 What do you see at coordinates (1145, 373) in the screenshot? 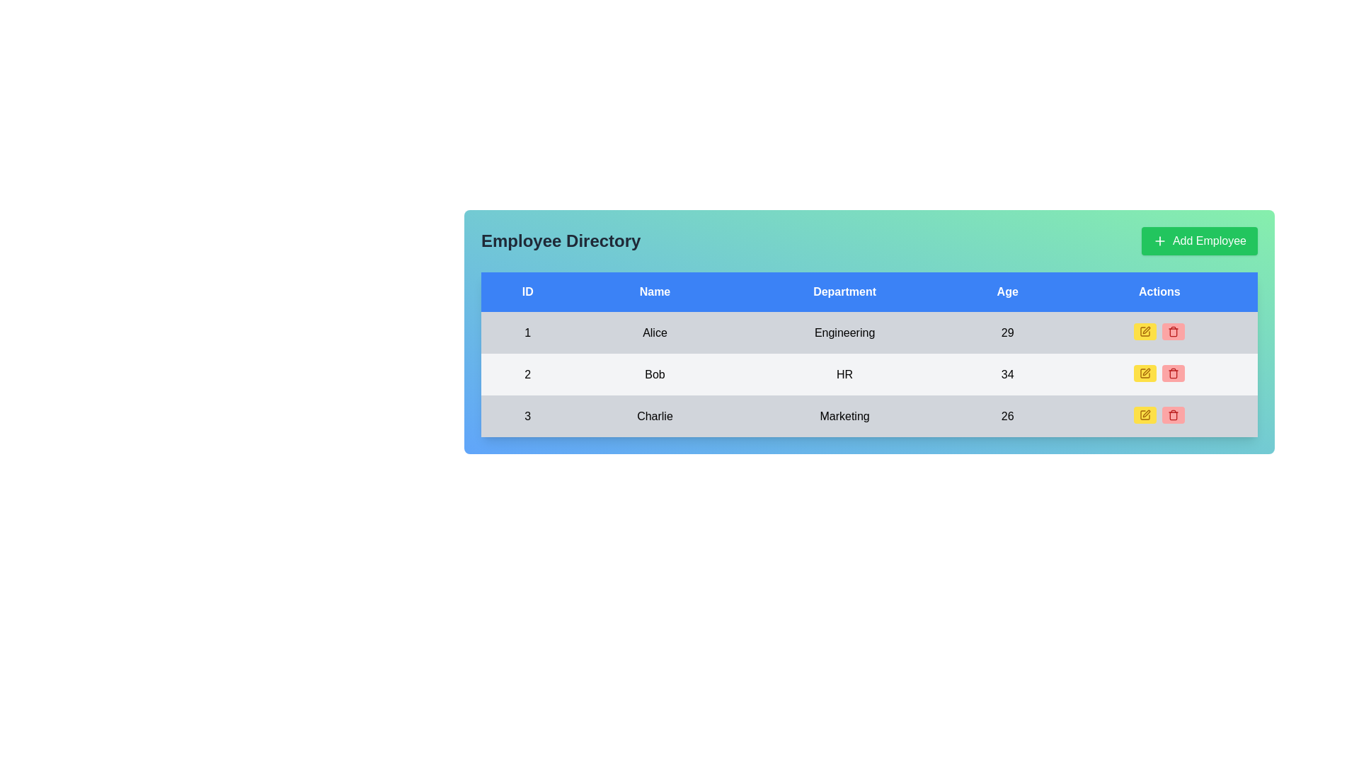
I see `the yellow pen icon button in the Actions column of the second row for the record of 'Bob'` at bounding box center [1145, 373].